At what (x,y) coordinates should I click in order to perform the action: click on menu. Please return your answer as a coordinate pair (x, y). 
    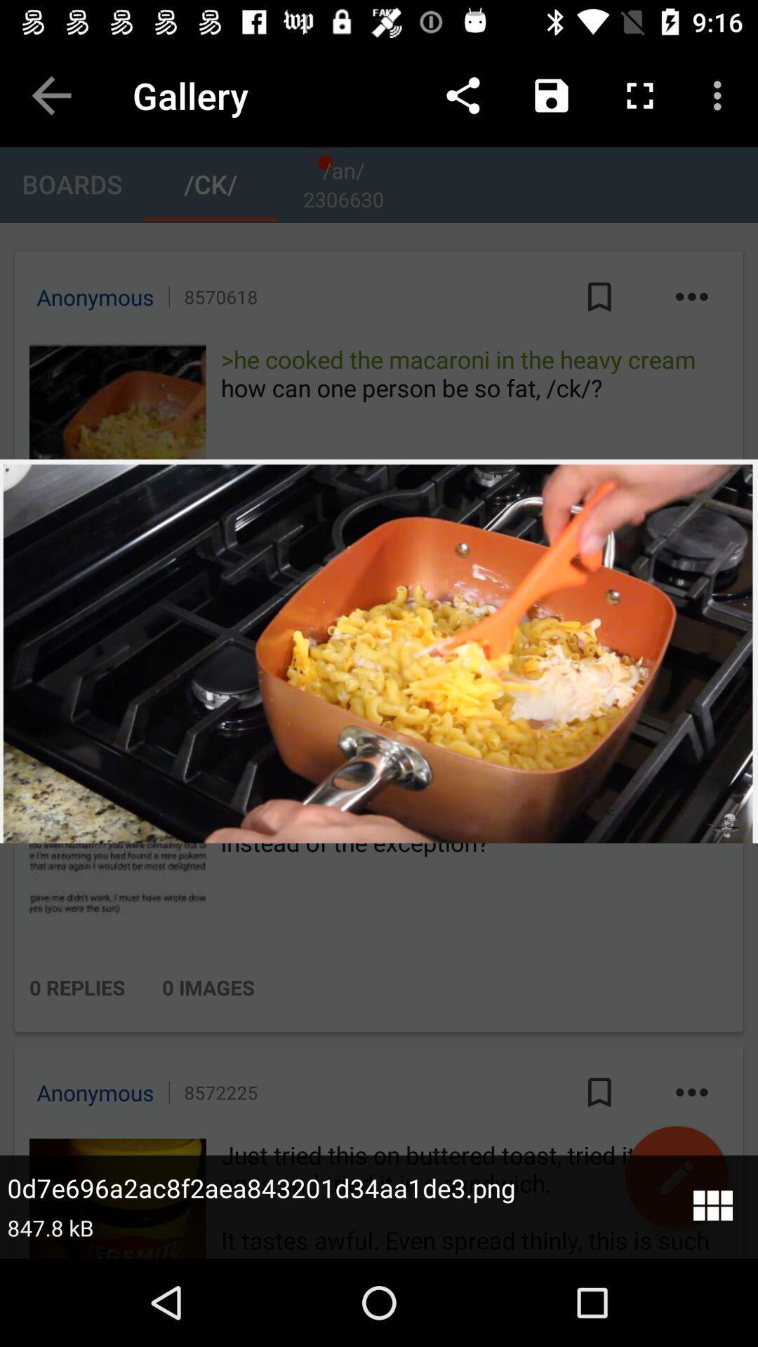
    Looking at the image, I should click on (712, 1206).